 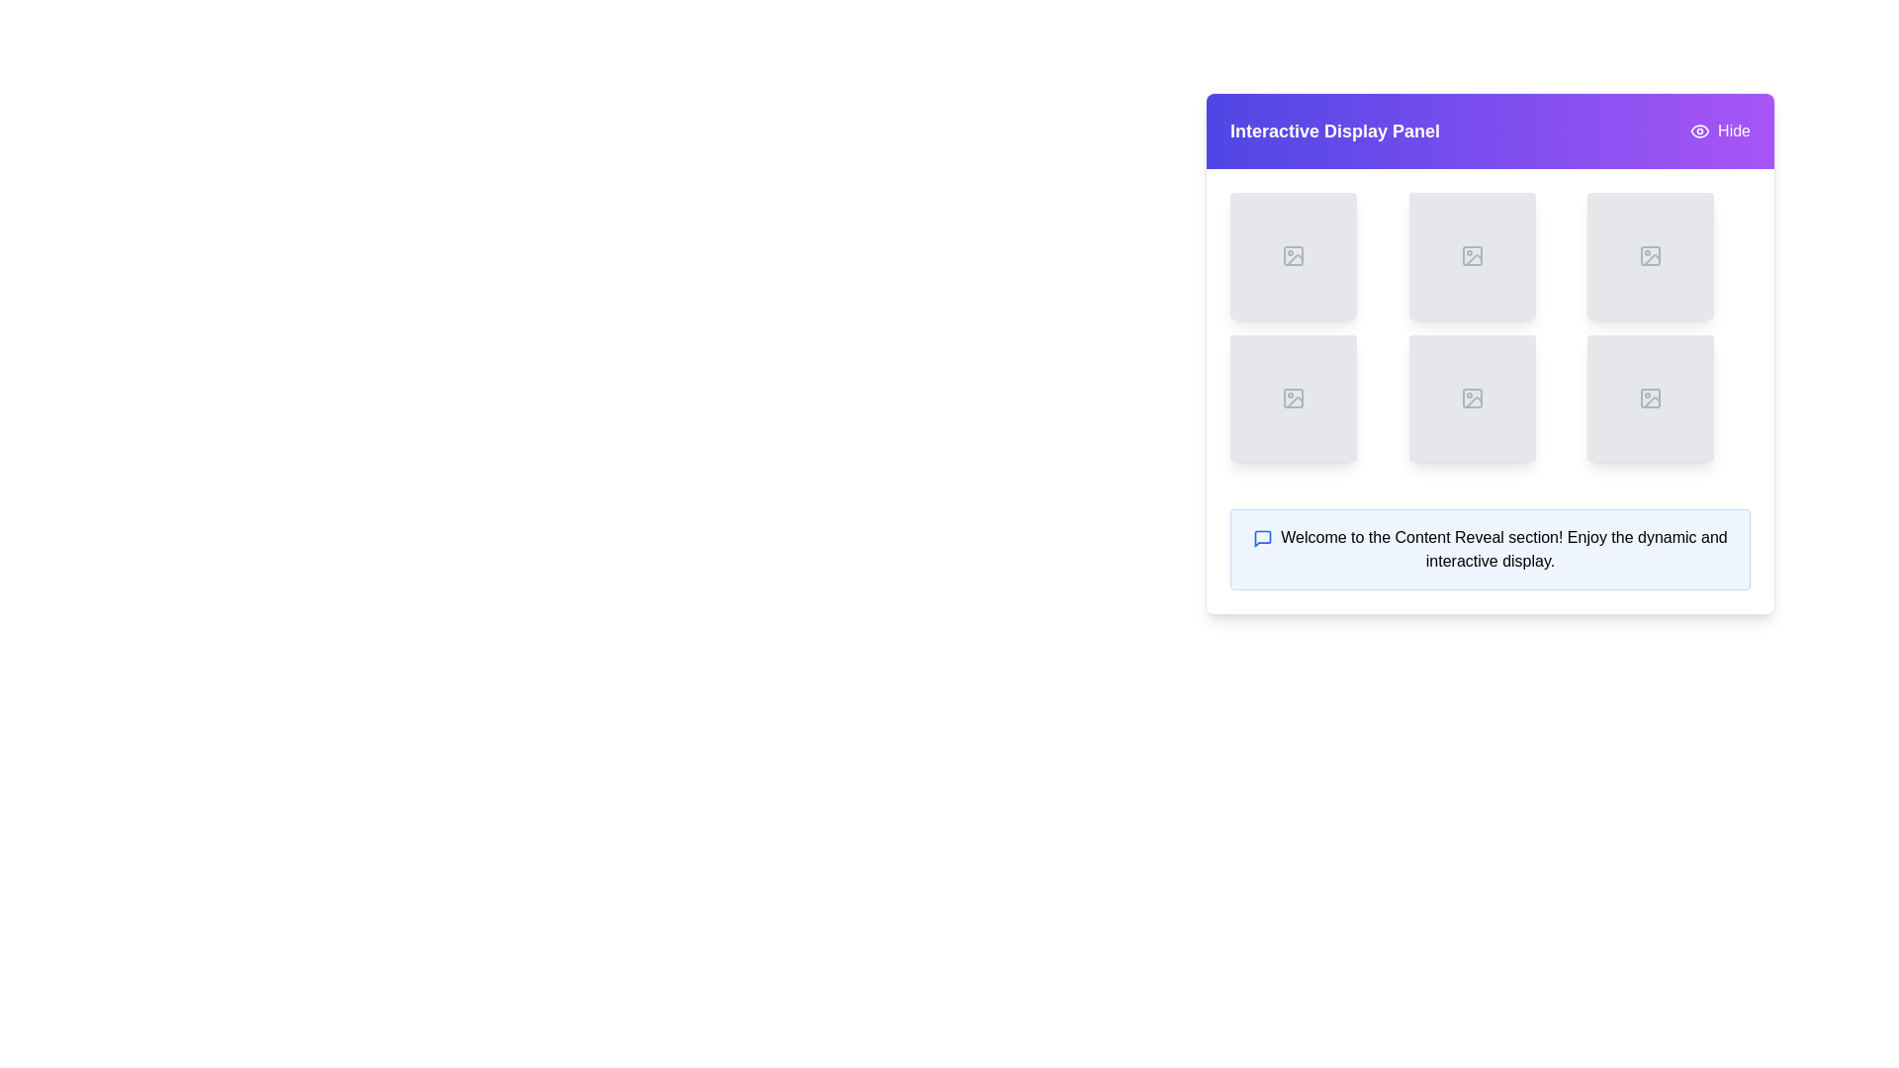 What do you see at coordinates (1733, 131) in the screenshot?
I see `the 'Hide' text label in the upper right corner of the interface` at bounding box center [1733, 131].